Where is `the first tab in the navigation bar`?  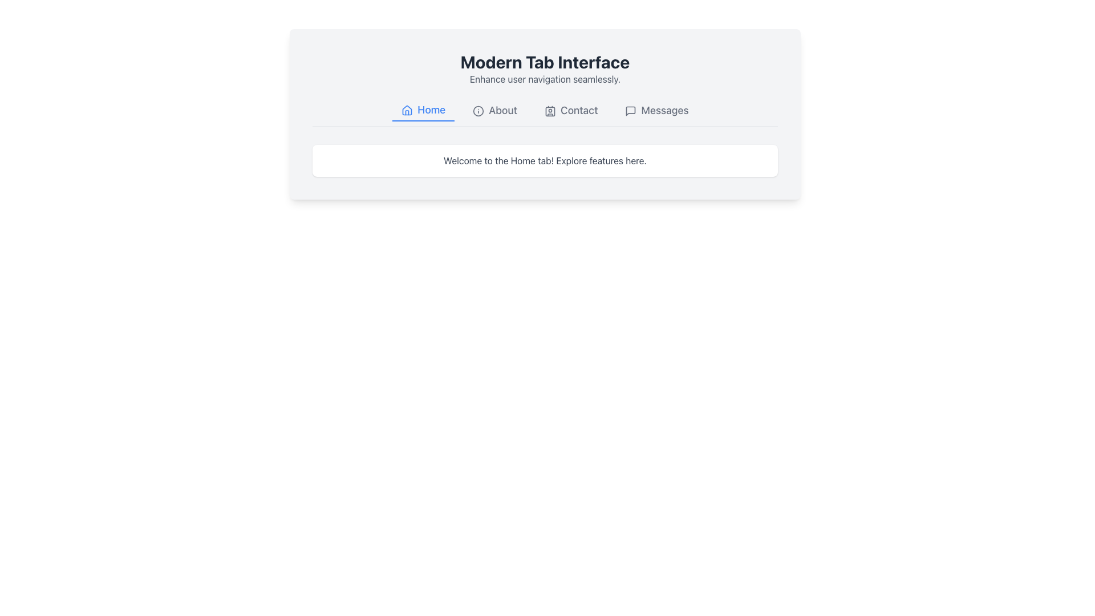 the first tab in the navigation bar is located at coordinates (423, 110).